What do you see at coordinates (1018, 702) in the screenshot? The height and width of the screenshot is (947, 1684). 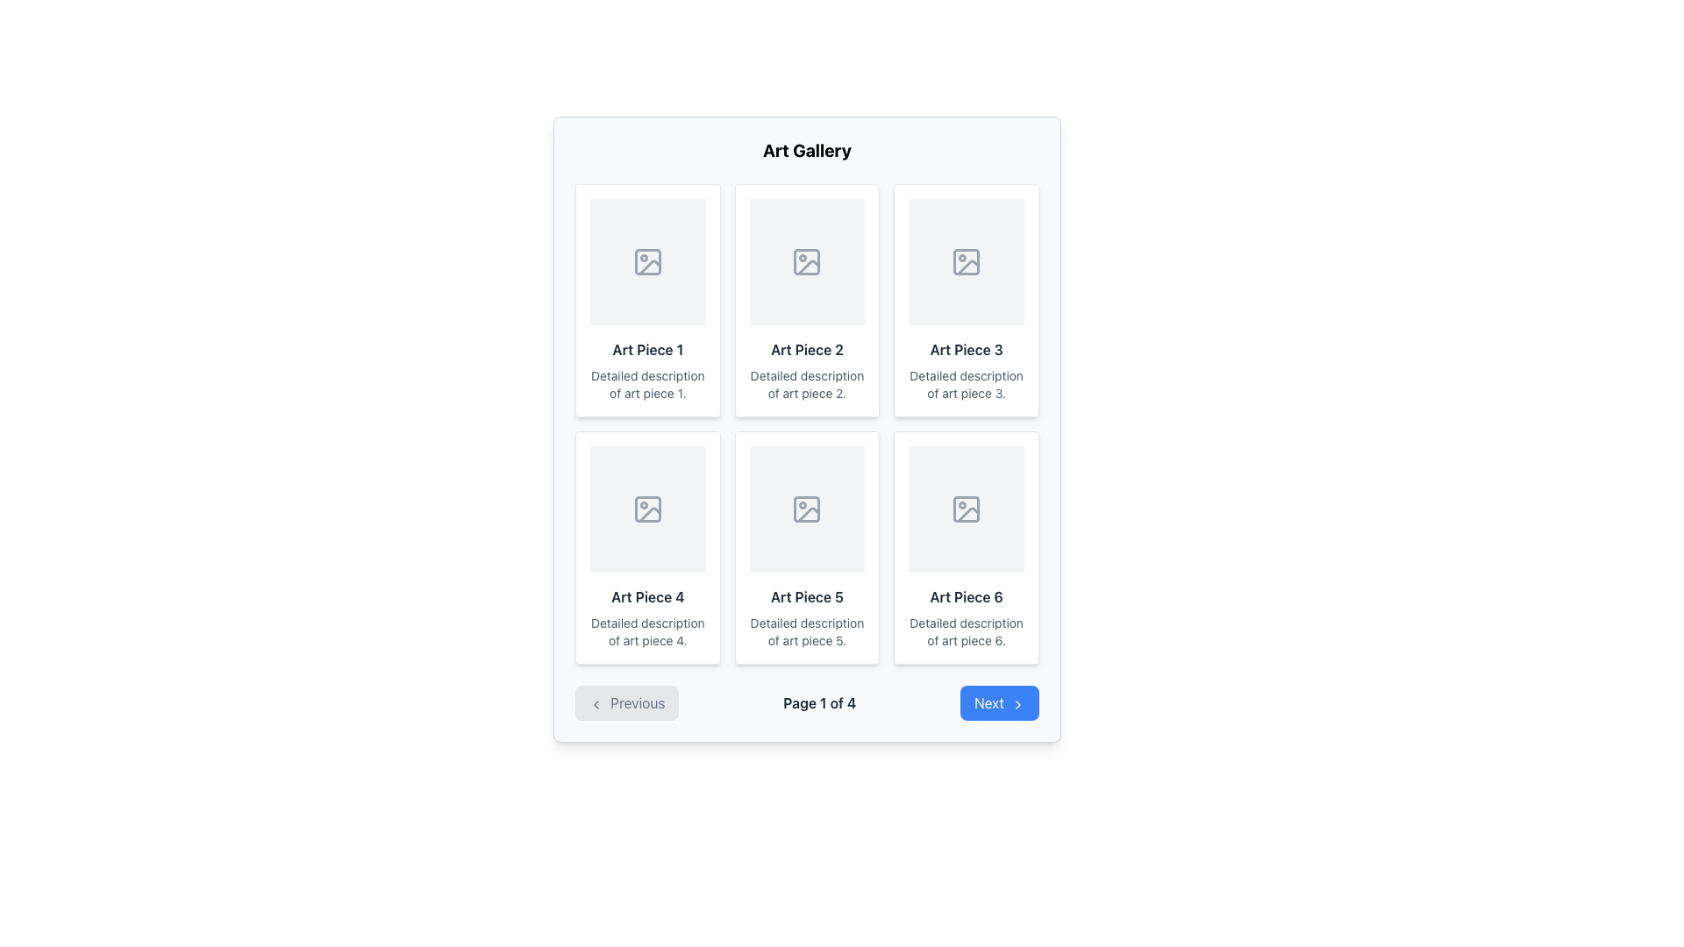 I see `the rightward-pointing chevron icon located inside the 'Next' button, positioned at the far-right side of the button's text` at bounding box center [1018, 702].